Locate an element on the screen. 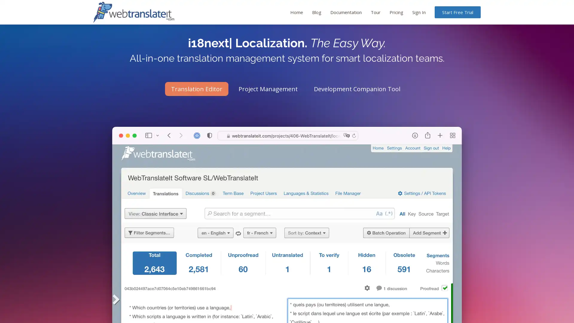 This screenshot has width=574, height=323. learn more about cookies is located at coordinates (318, 312).